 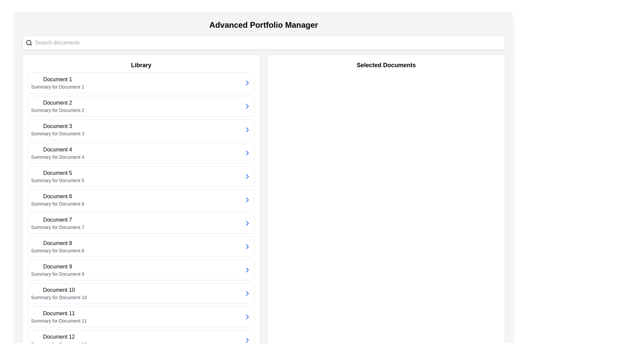 What do you see at coordinates (59, 317) in the screenshot?
I see `the static text label representing 'Document 11' which identifies the document and provides a description` at bounding box center [59, 317].